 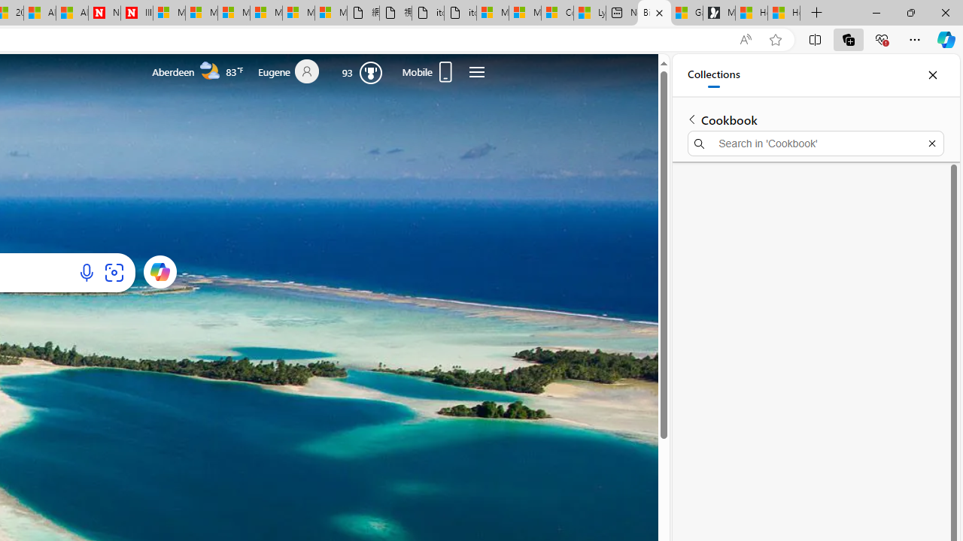 I want to click on 'itconcepthk.com/projector_solutions.mp4', so click(x=460, y=13).